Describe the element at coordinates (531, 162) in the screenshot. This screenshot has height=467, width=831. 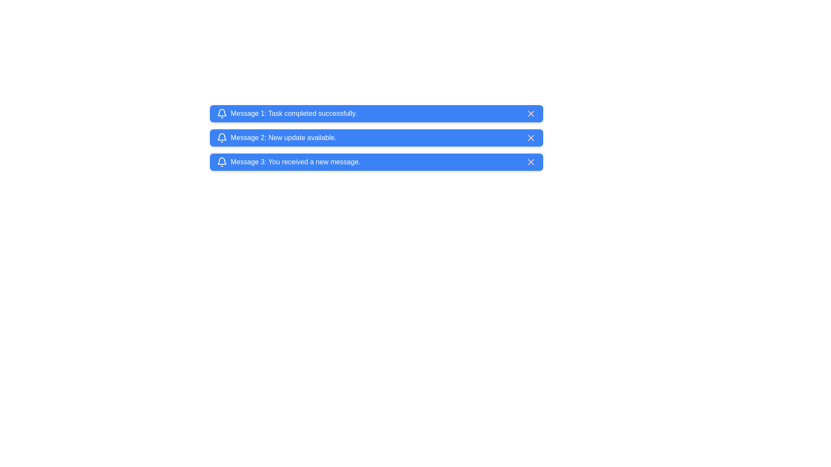
I see `keyboard navigation` at that location.